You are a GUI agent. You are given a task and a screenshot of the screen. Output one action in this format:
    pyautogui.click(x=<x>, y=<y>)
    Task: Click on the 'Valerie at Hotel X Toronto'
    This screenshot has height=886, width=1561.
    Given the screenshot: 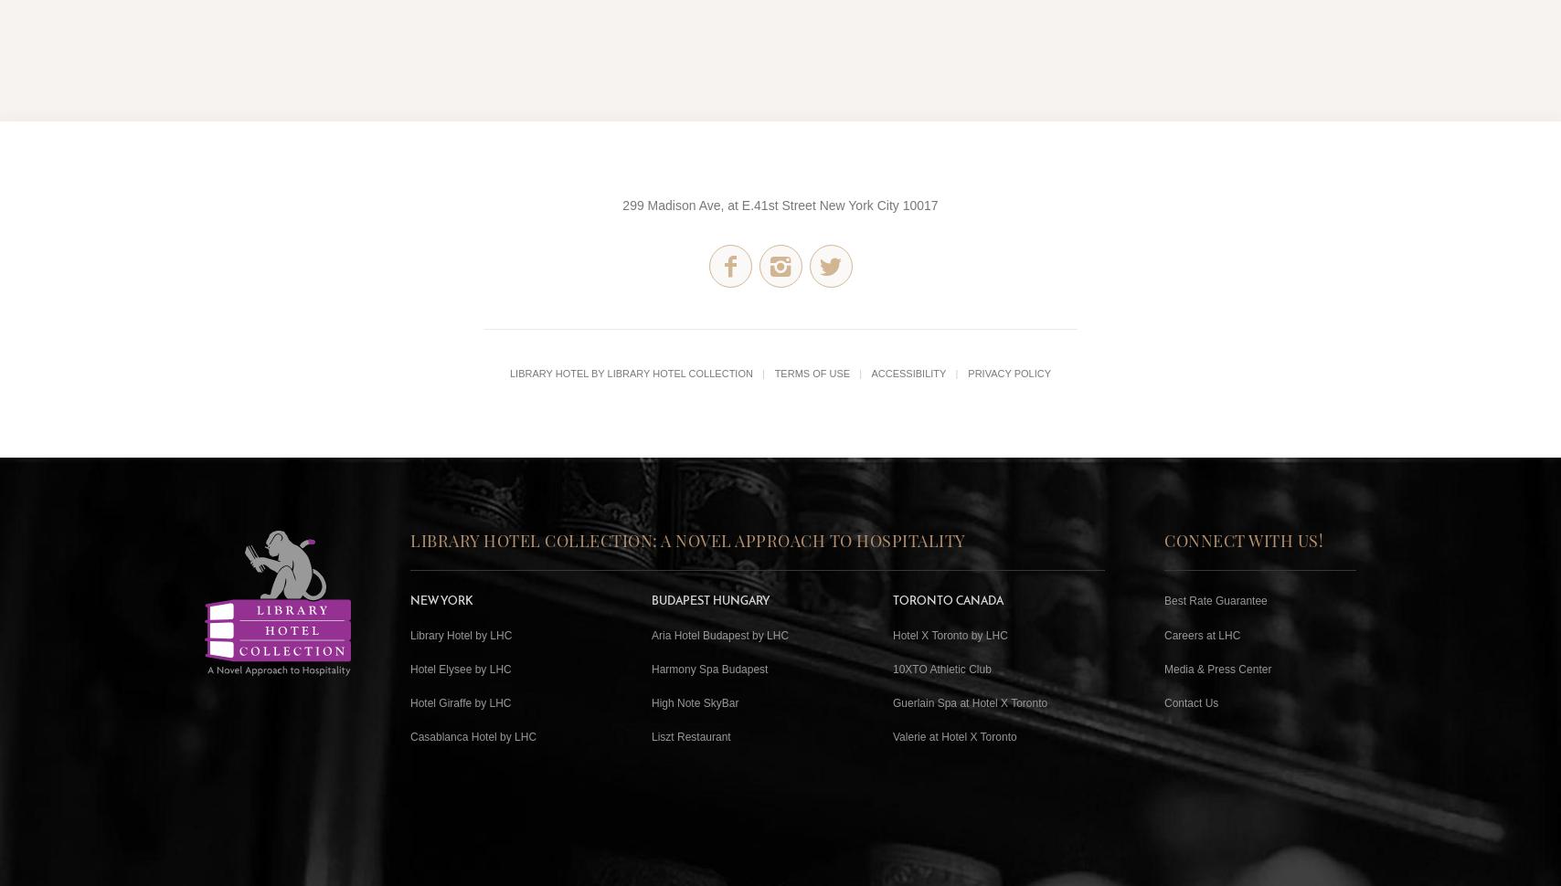 What is the action you would take?
    pyautogui.click(x=954, y=737)
    